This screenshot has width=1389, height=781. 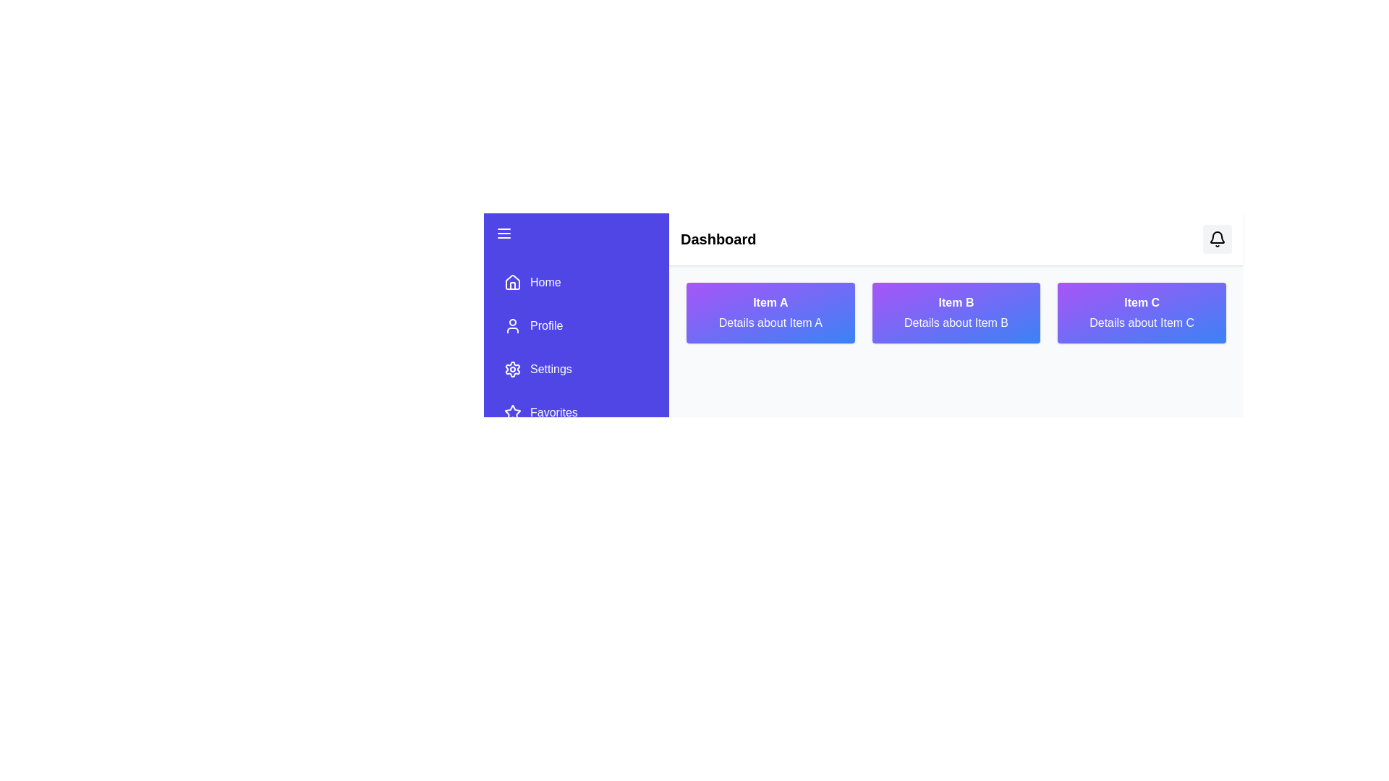 What do you see at coordinates (545, 326) in the screenshot?
I see `the 'Profile' text label in the left sidebar menu` at bounding box center [545, 326].